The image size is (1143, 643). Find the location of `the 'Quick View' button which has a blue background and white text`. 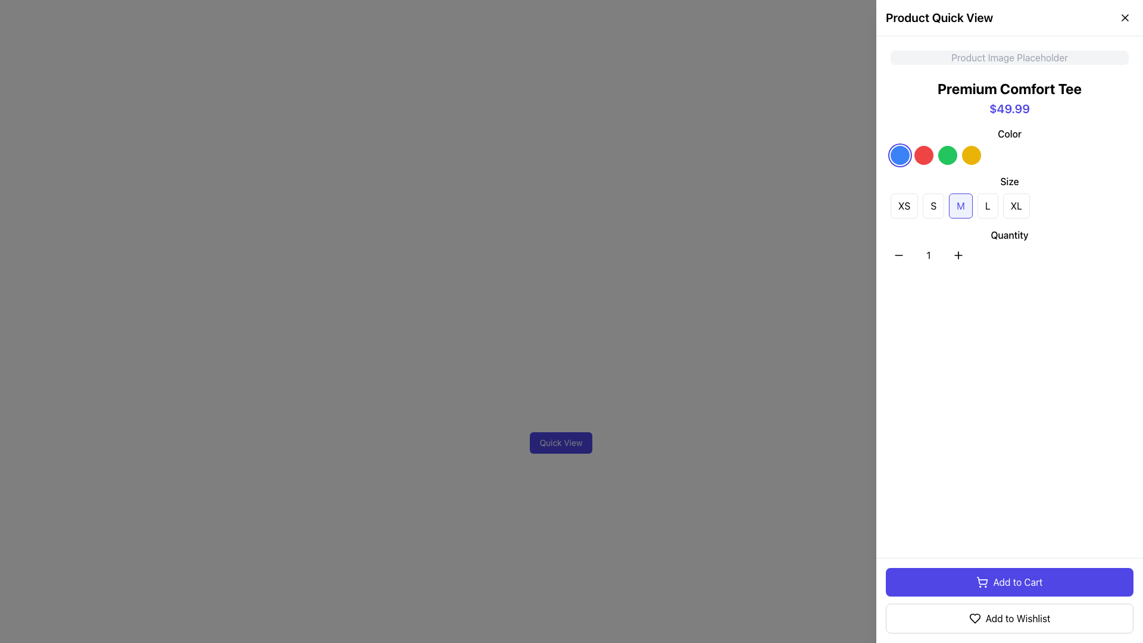

the 'Quick View' button which has a blue background and white text is located at coordinates (560, 443).